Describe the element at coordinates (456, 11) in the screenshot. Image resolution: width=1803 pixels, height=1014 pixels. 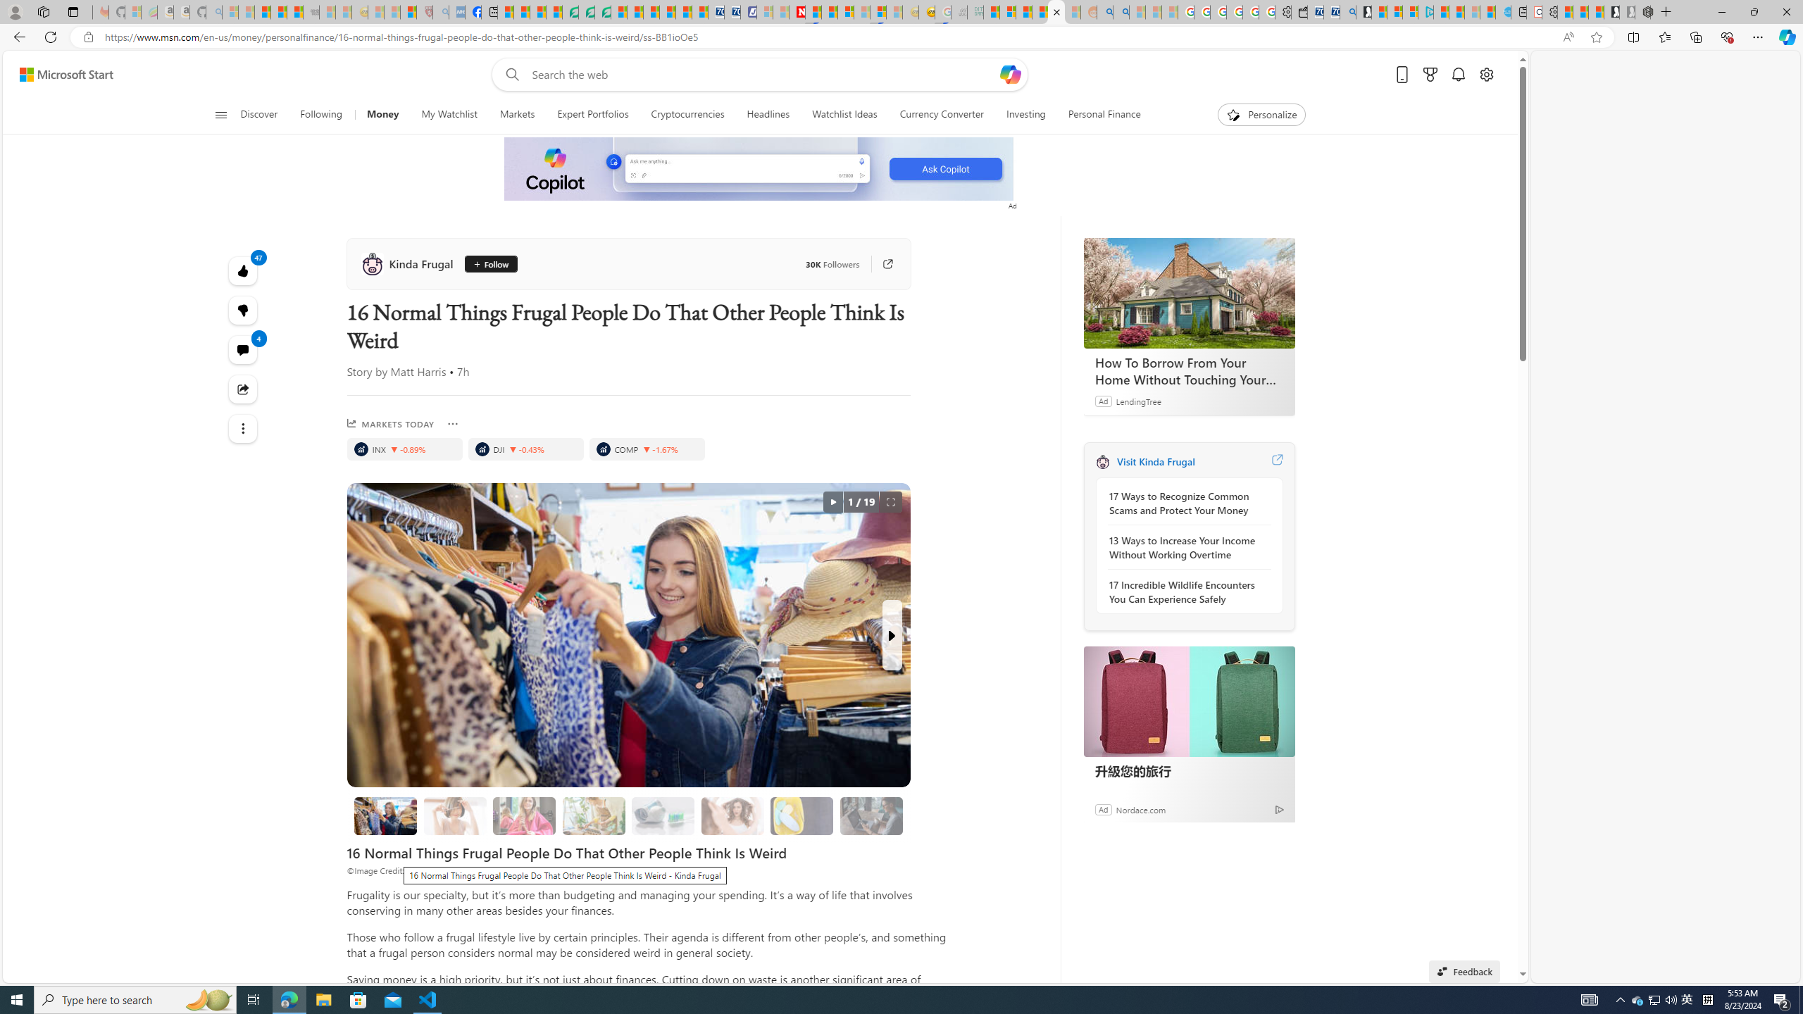
I see `'NCL Adult Asthma Inhaler Choice Guideline - Sleeping'` at that location.